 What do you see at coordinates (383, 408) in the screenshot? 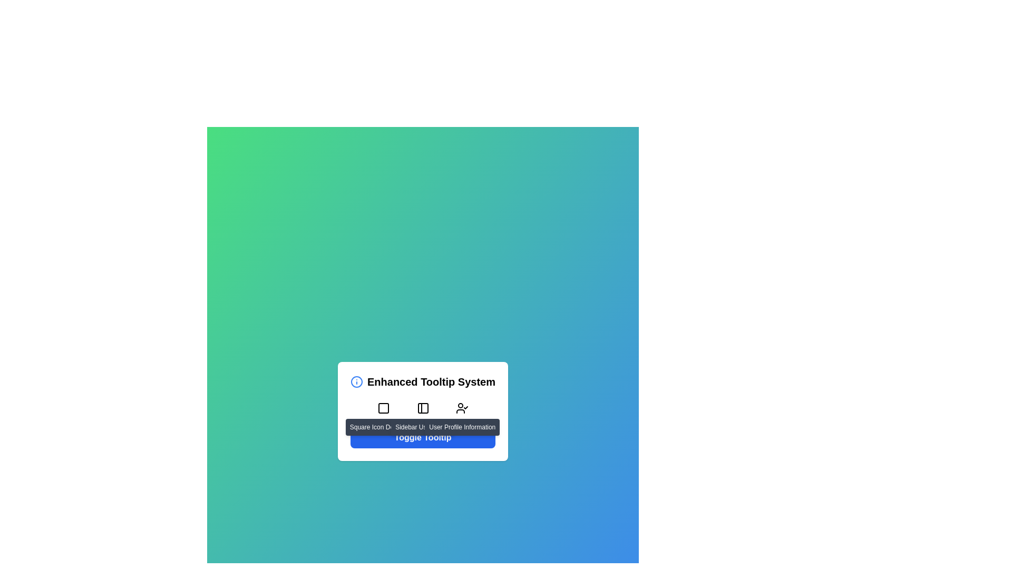
I see `the small decorative rectangle with rounded corners, which is centrally positioned within the second icon from the left under the 'Enhanced Tooltip System' header` at bounding box center [383, 408].